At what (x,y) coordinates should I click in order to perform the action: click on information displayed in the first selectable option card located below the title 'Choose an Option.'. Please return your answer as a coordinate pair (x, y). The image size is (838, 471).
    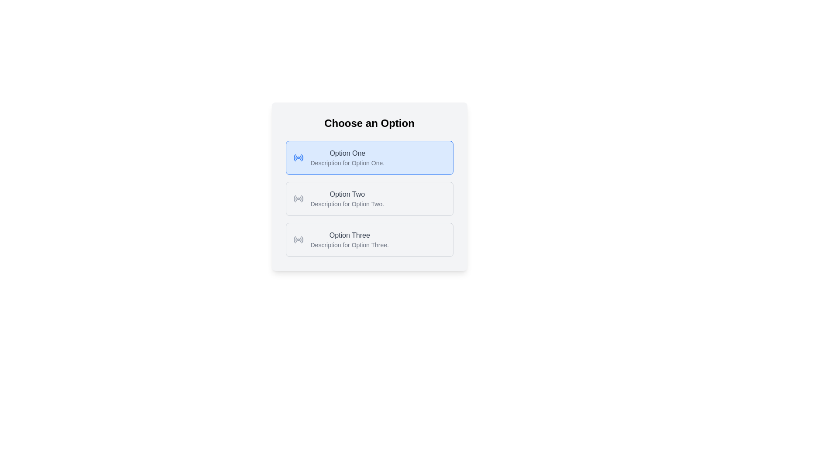
    Looking at the image, I should click on (347, 158).